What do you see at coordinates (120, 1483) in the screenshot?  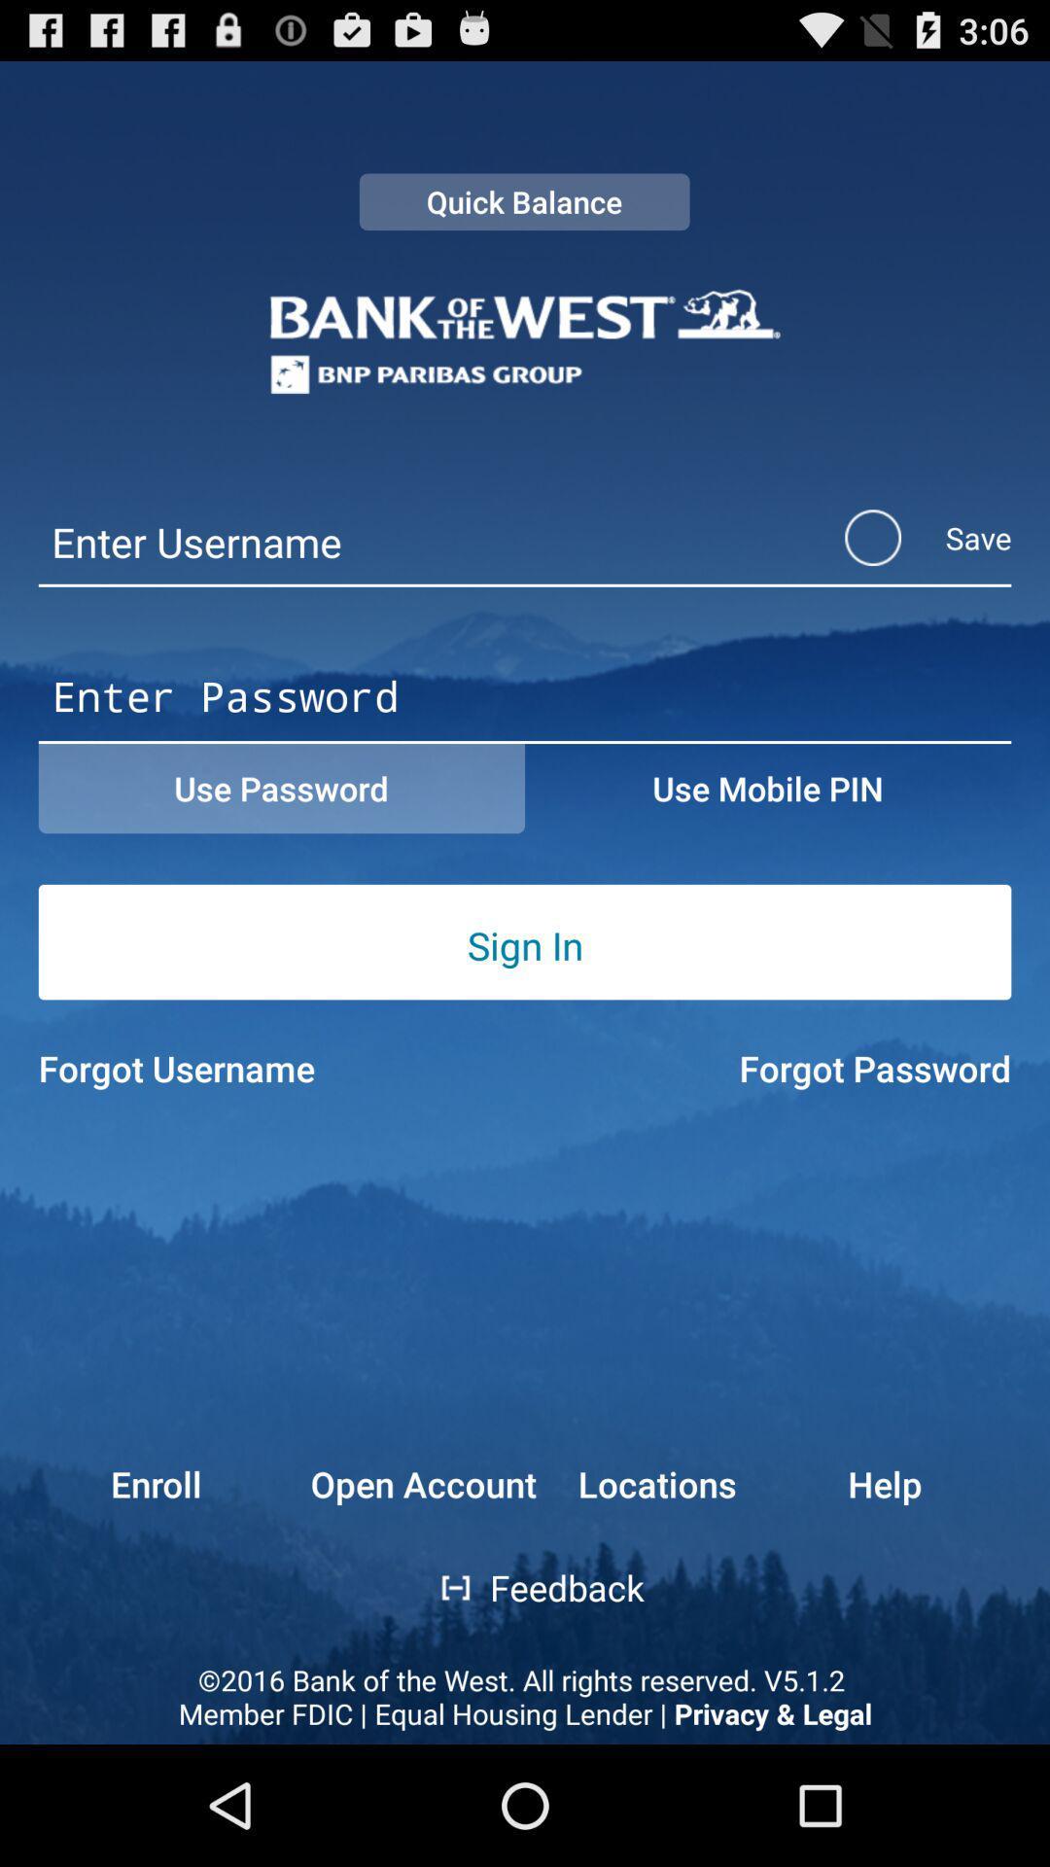 I see `the enroll item` at bounding box center [120, 1483].